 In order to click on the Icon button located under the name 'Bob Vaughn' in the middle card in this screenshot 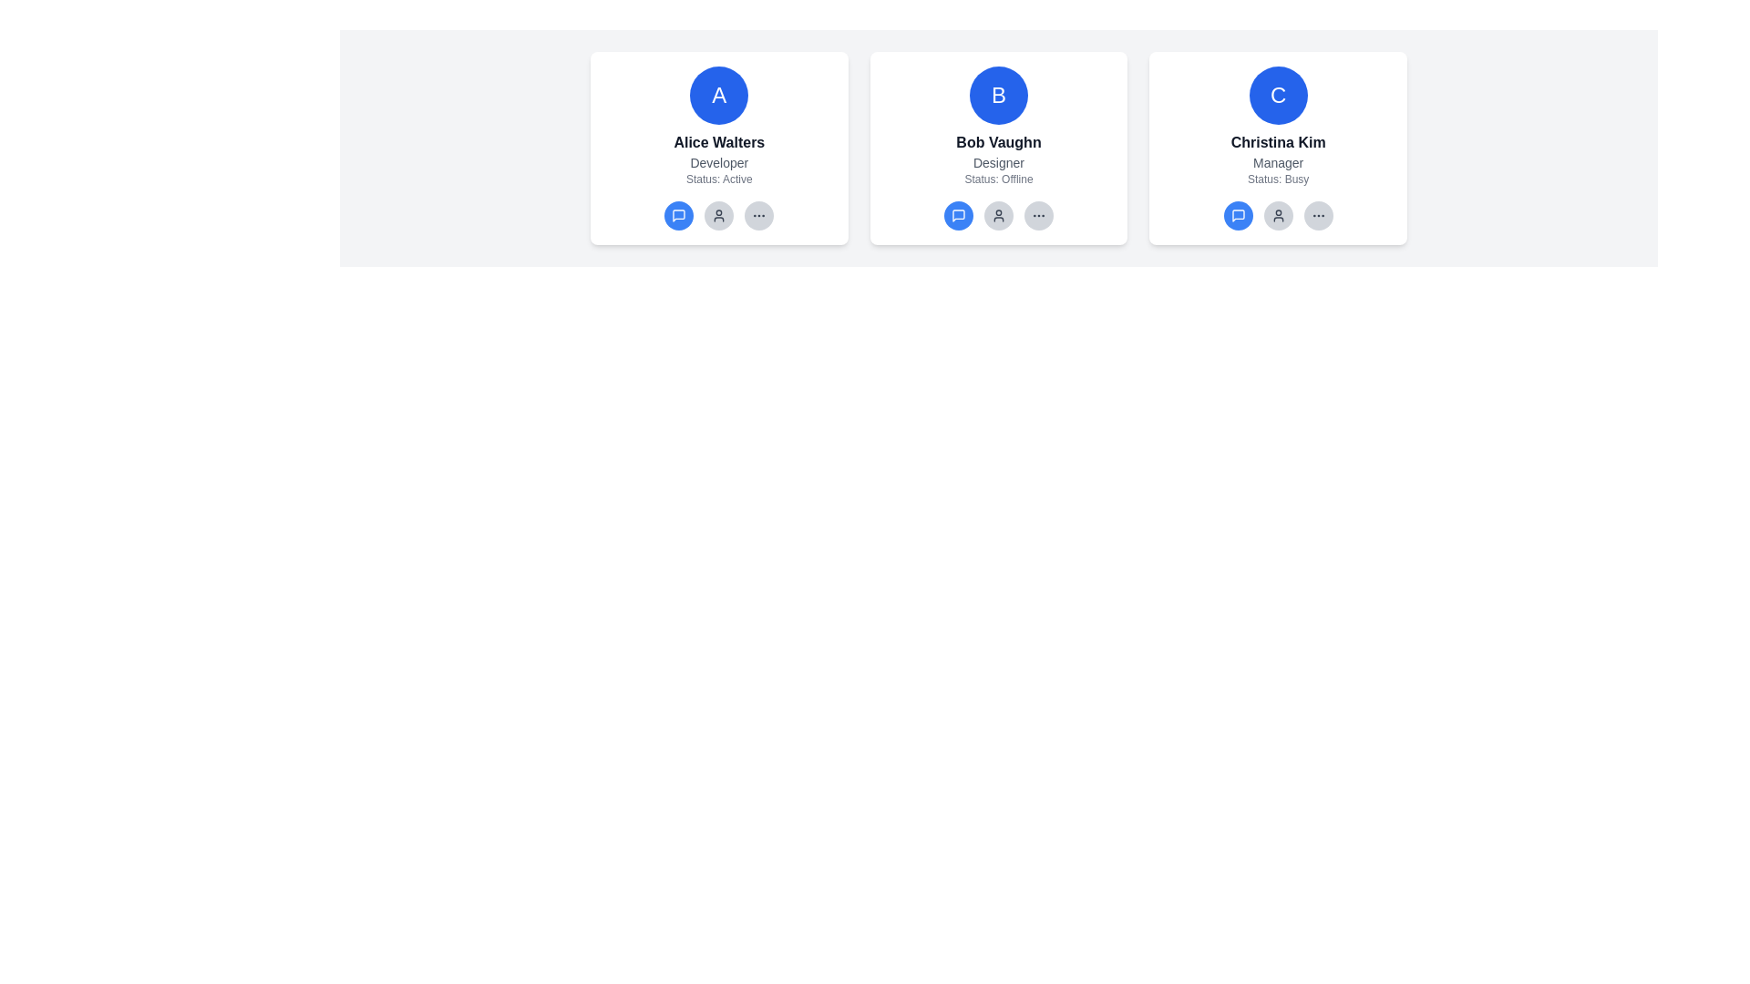, I will do `click(957, 214)`.